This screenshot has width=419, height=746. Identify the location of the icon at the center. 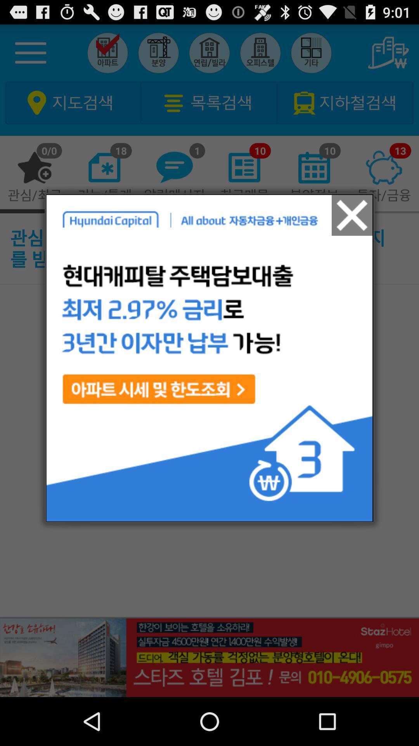
(209, 357).